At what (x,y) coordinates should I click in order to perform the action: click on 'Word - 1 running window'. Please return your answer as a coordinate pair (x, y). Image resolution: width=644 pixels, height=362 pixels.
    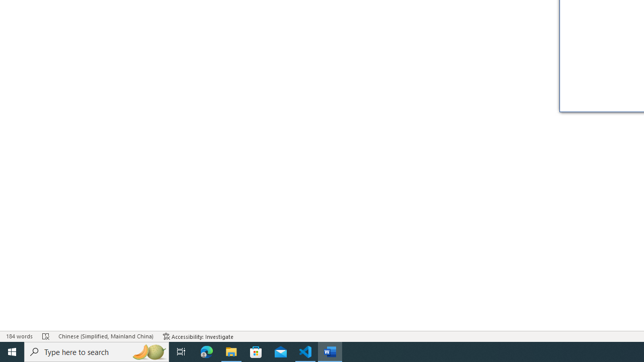
    Looking at the image, I should click on (330, 351).